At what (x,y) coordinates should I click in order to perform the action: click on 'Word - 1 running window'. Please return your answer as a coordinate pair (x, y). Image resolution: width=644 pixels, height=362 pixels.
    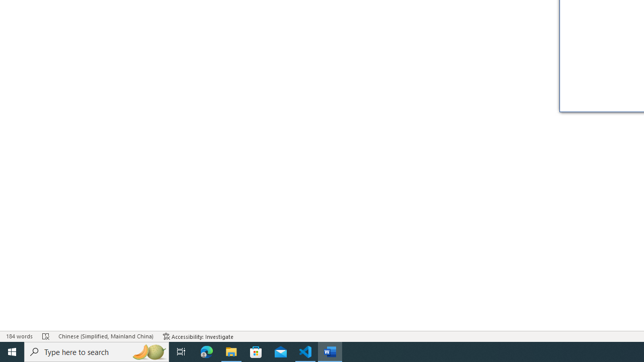
    Looking at the image, I should click on (330, 351).